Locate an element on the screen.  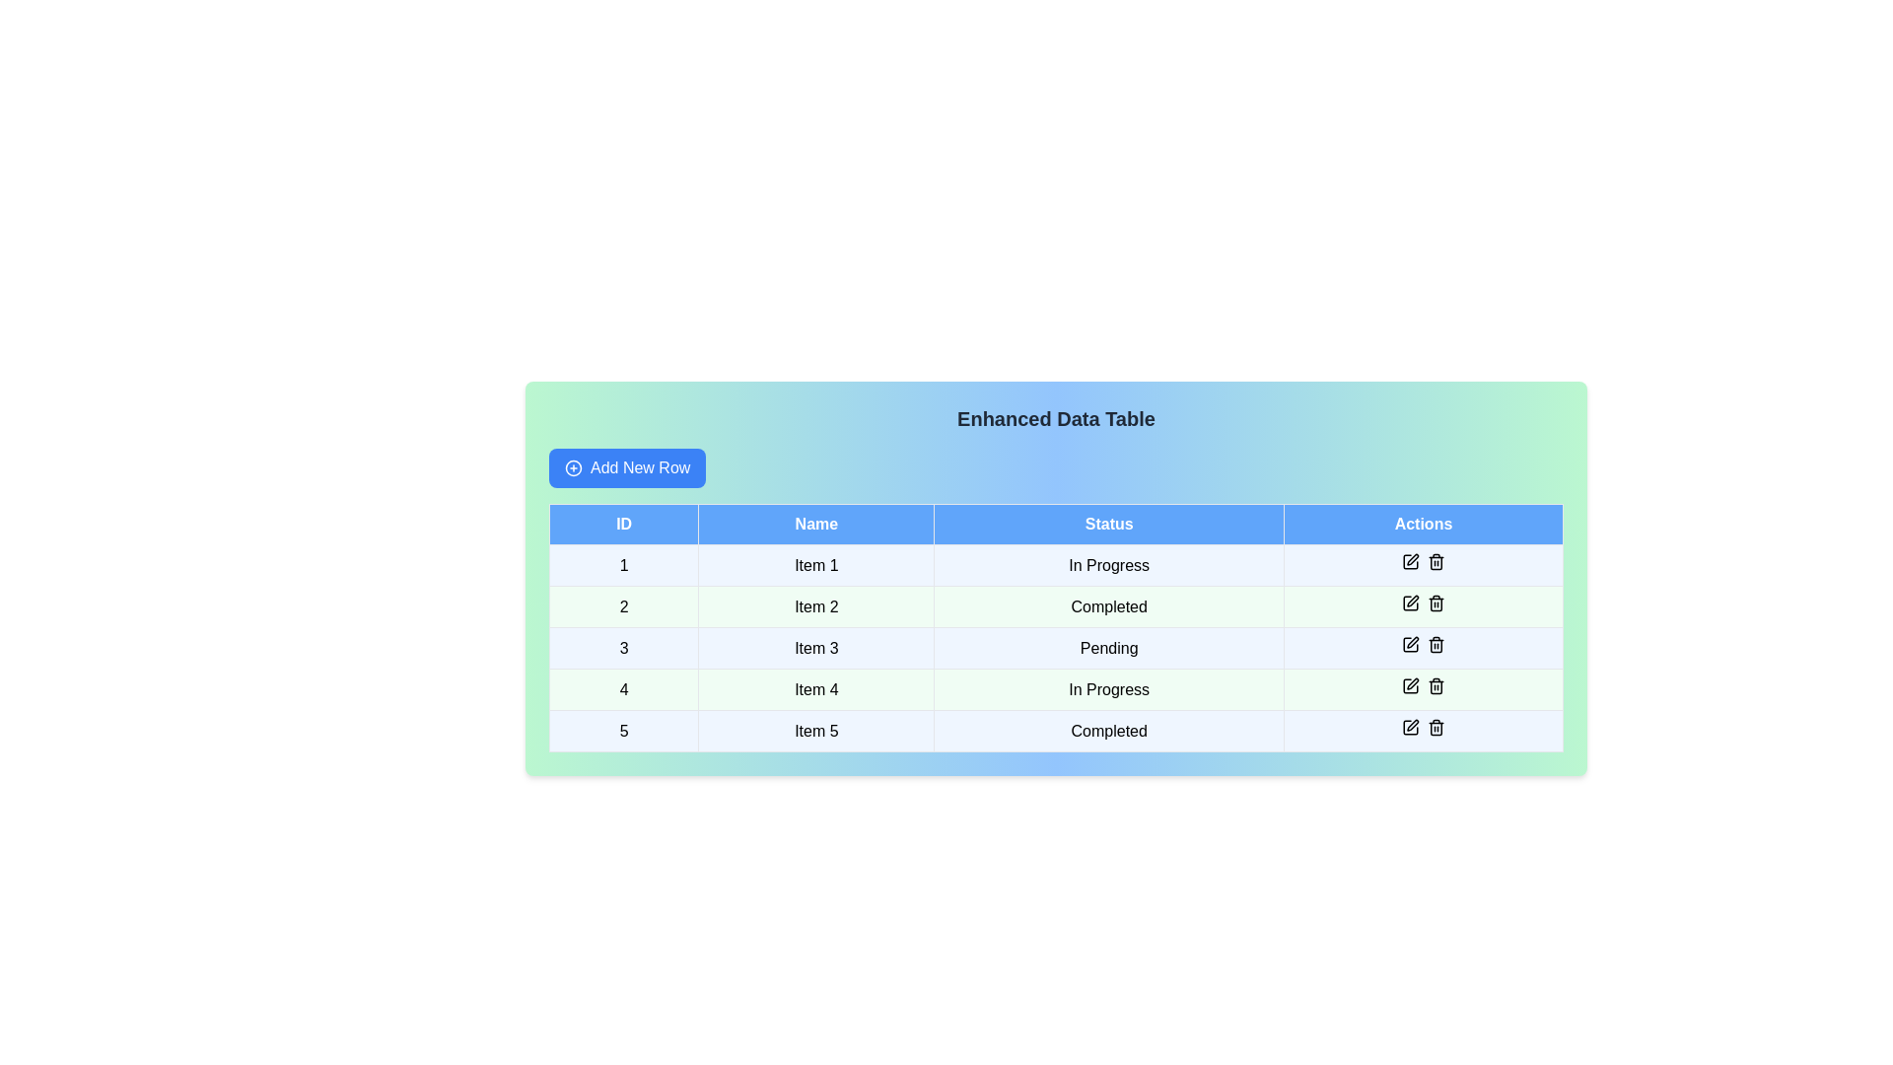
the static text label displaying the number '5' in the first column of the last row of the table, which is under the 'ID' header is located at coordinates (623, 731).